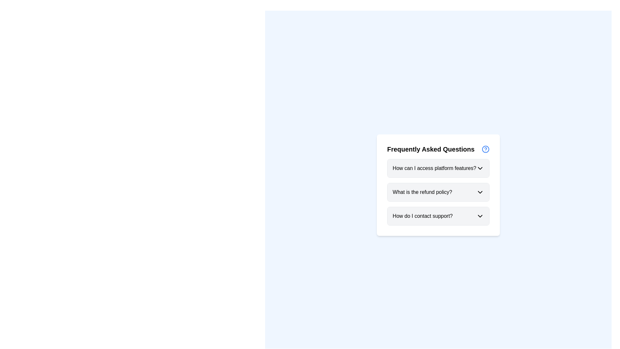 The image size is (620, 349). I want to click on the Dropdown toggle at the top of the FAQ section, so click(438, 168).